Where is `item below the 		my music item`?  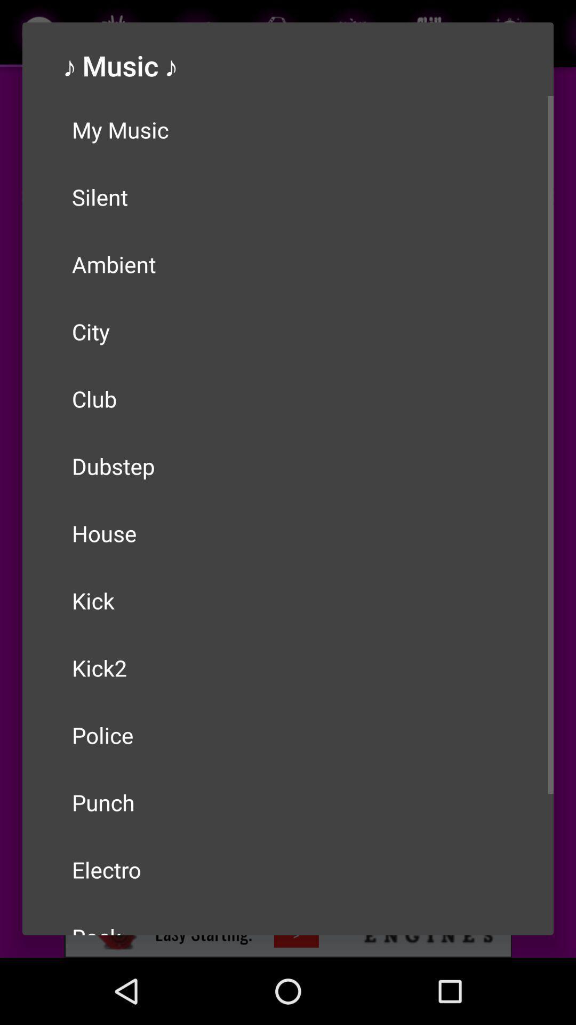
item below the 		my music item is located at coordinates (288, 197).